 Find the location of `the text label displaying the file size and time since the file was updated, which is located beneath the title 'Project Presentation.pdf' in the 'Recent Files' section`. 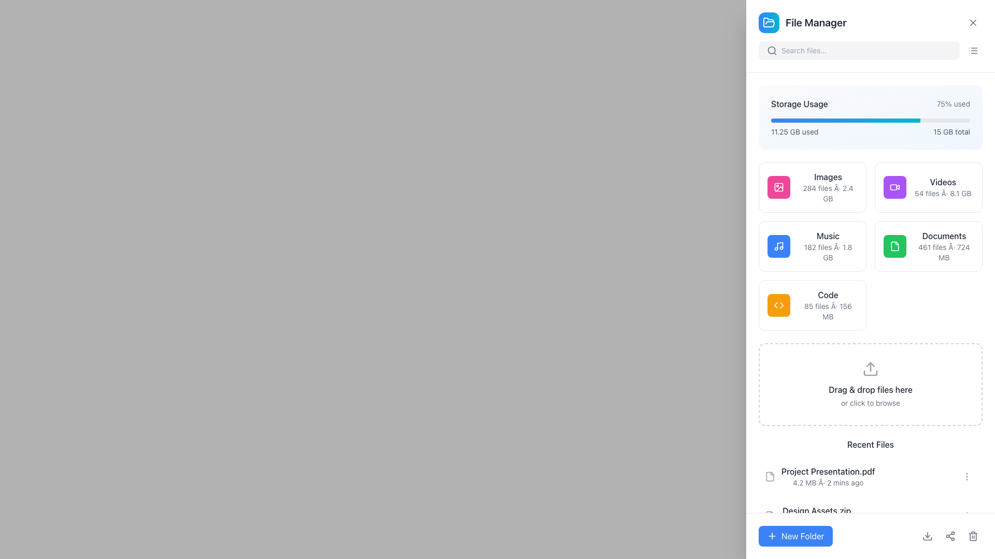

the text label displaying the file size and time since the file was updated, which is located beneath the title 'Project Presentation.pdf' in the 'Recent Files' section is located at coordinates (828, 483).